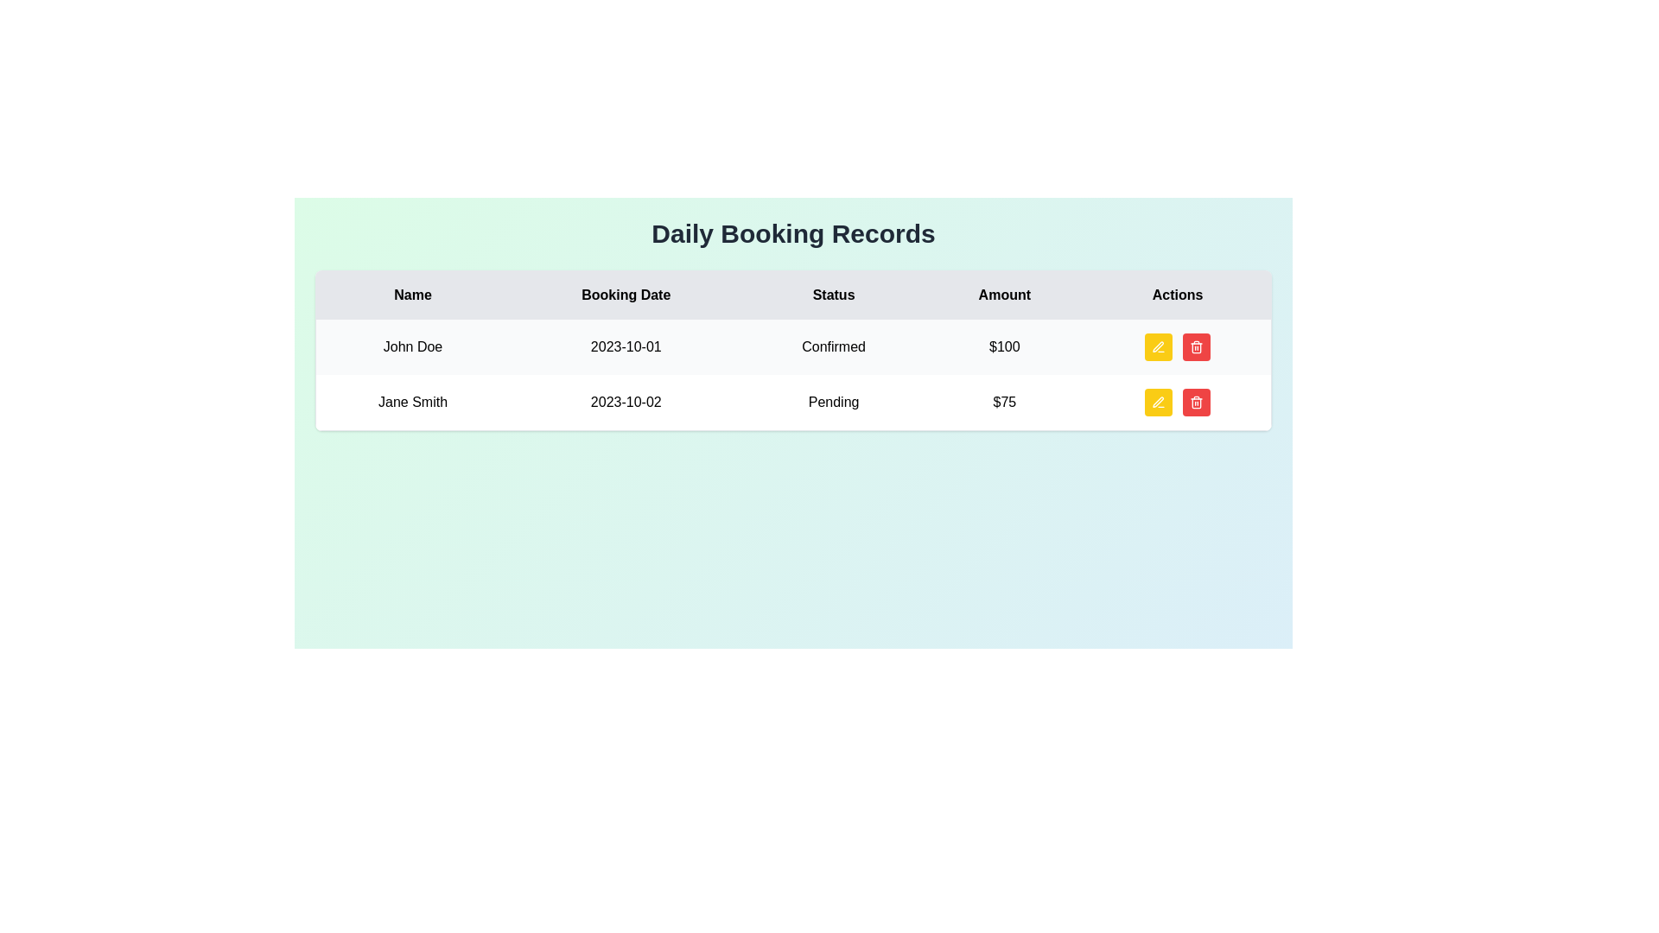 This screenshot has height=933, width=1659. What do you see at coordinates (1004, 294) in the screenshot?
I see `the 'Amount' column header cell` at bounding box center [1004, 294].